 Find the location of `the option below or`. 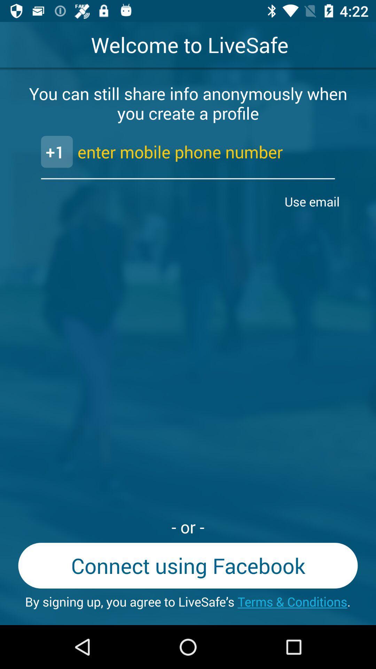

the option below or is located at coordinates (188, 566).